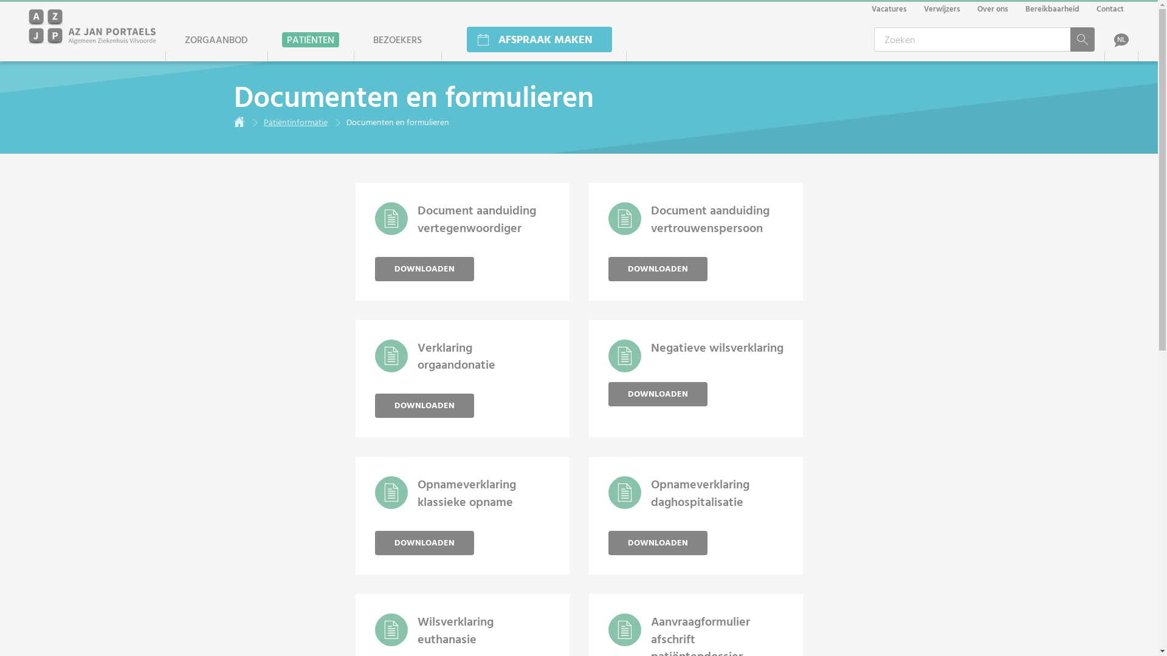 Image resolution: width=1167 pixels, height=656 pixels. Describe the element at coordinates (239, 121) in the screenshot. I see `'Home'` at that location.